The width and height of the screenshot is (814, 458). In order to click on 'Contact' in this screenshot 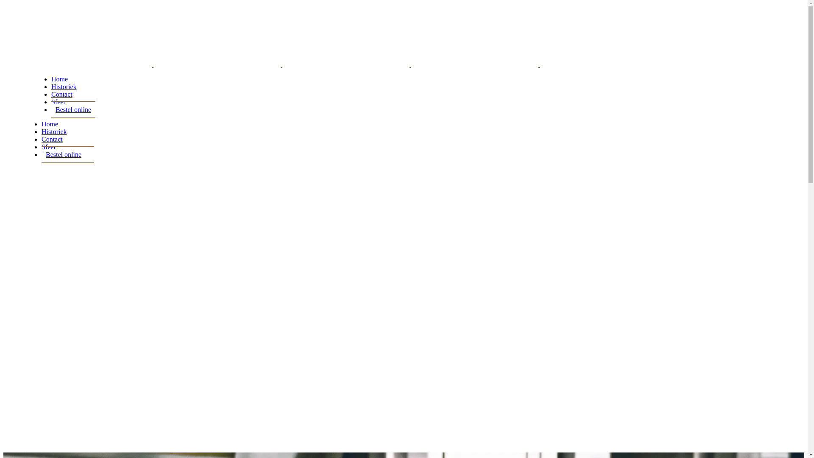, I will do `click(61, 94)`.